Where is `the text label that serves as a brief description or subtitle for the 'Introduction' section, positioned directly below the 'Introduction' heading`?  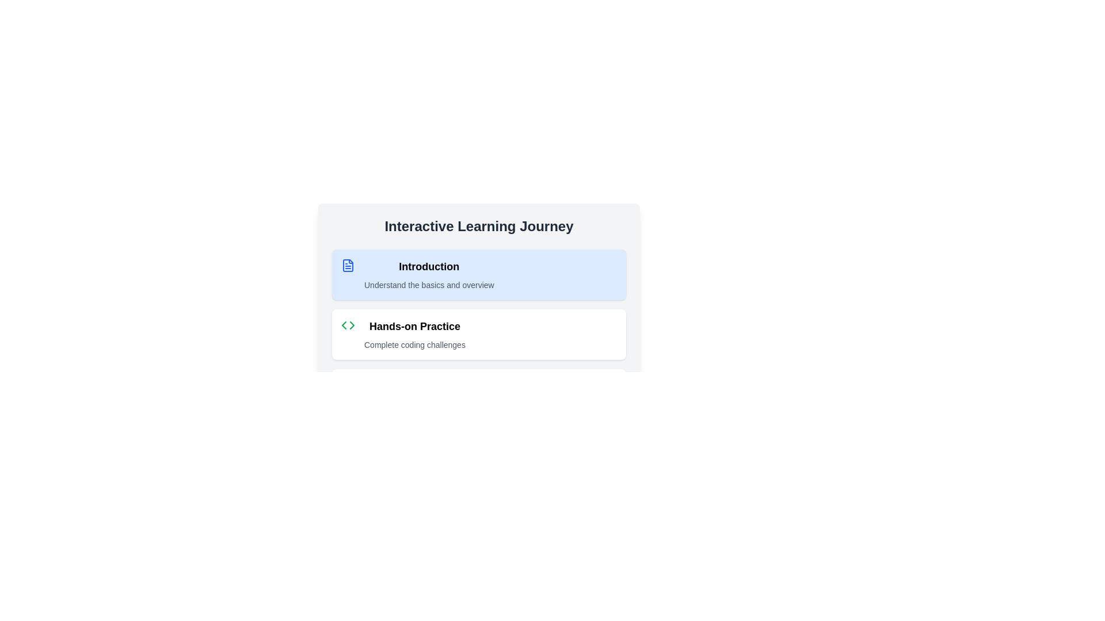
the text label that serves as a brief description or subtitle for the 'Introduction' section, positioned directly below the 'Introduction' heading is located at coordinates (428, 285).